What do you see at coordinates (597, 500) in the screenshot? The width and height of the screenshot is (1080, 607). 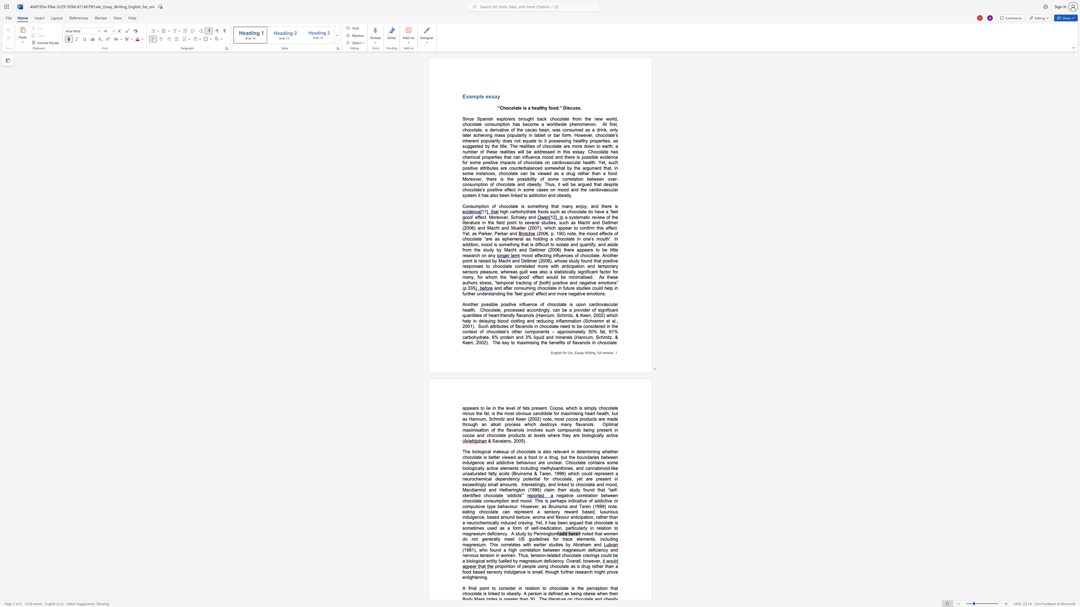 I see `the subset text "ddictive or comp" within the text "of addictive or compulsive type behaviour. However, as Bruinsma and Taren (1999) note, eating chocolate can"` at bounding box center [597, 500].